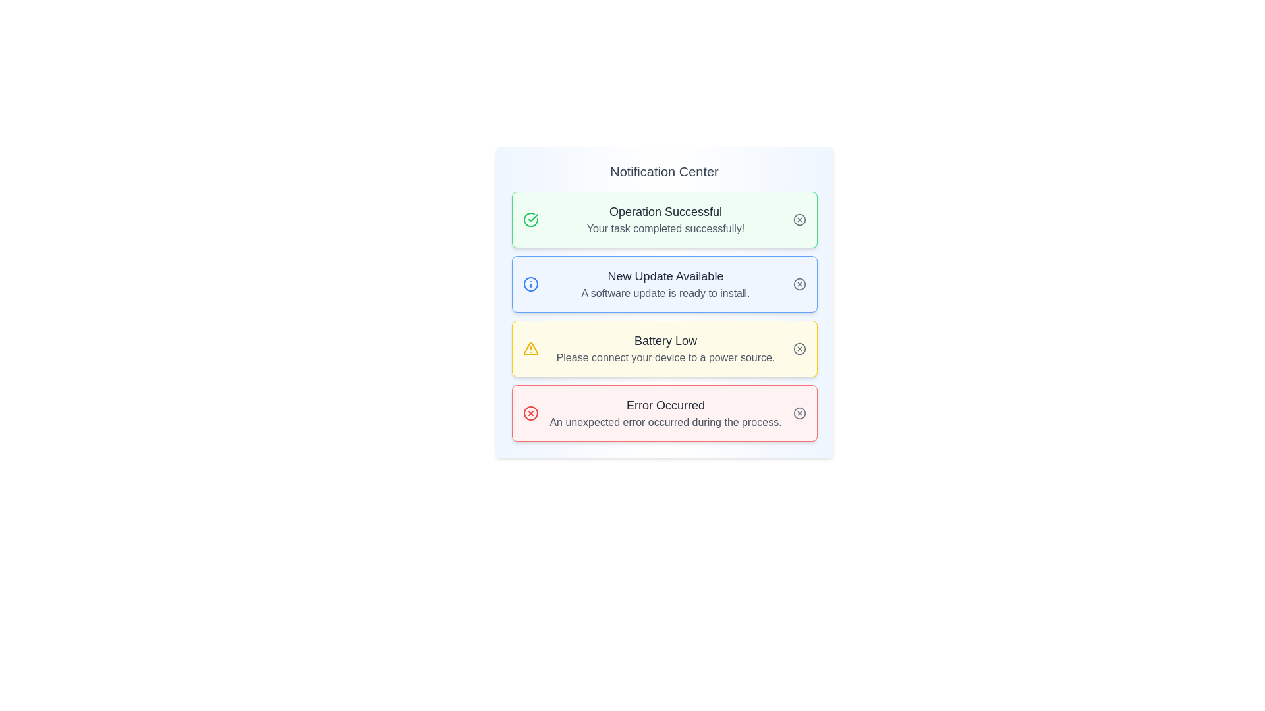  Describe the element at coordinates (799, 219) in the screenshot. I see `the circular graphic component in the top right corner of the green notification block labeled 'Operation Successful'` at that location.